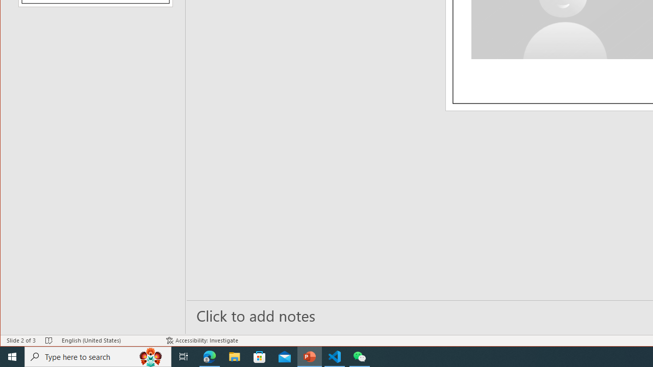 This screenshot has height=367, width=653. Describe the element at coordinates (12, 356) in the screenshot. I see `'Start'` at that location.